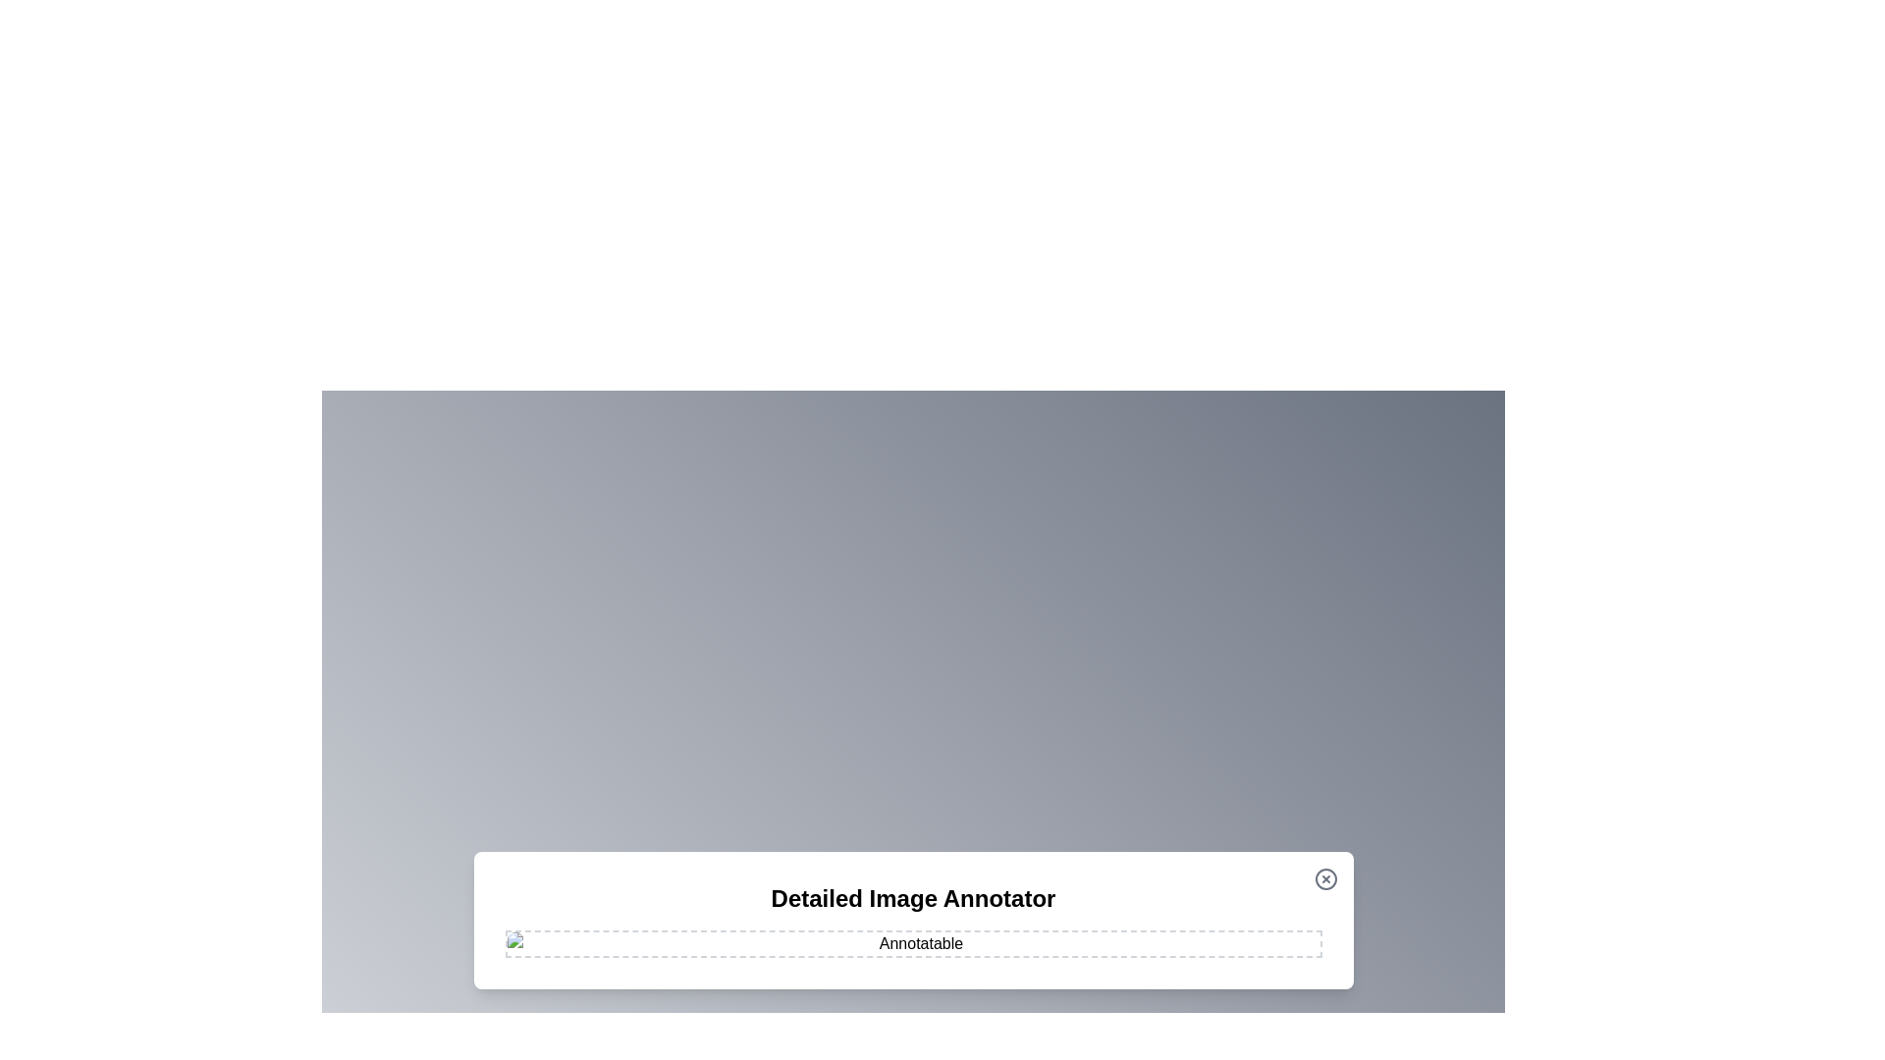  I want to click on the image at coordinates (1001, 958) to add an annotation, so click(983, 938).